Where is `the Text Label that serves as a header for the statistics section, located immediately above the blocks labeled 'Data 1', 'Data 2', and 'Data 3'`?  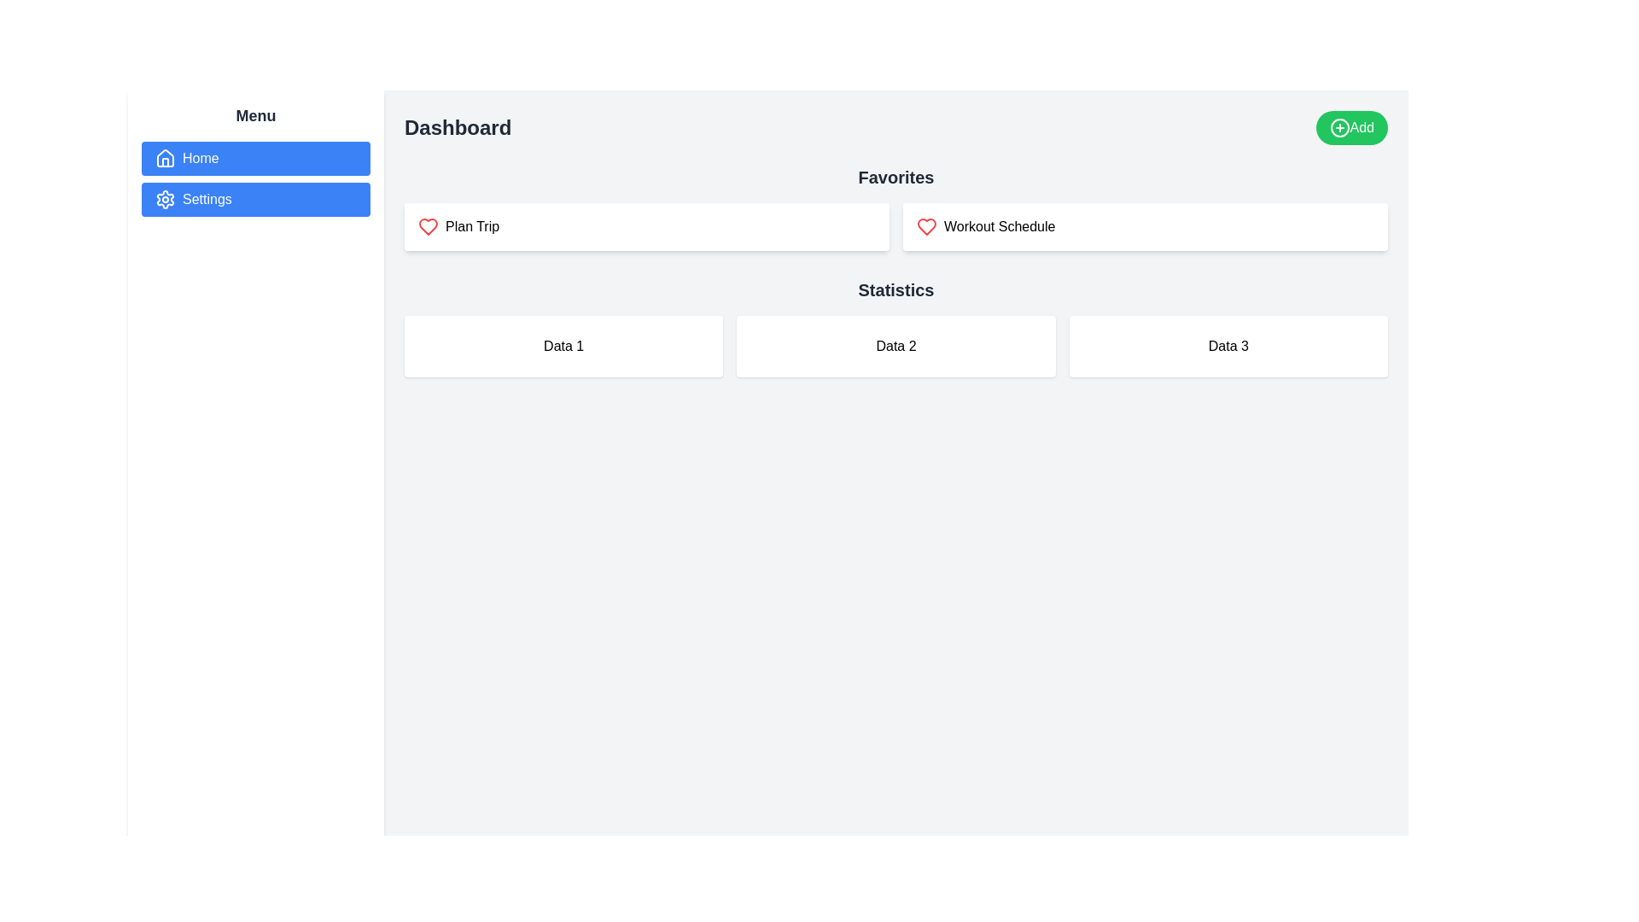 the Text Label that serves as a header for the statistics section, located immediately above the blocks labeled 'Data 1', 'Data 2', and 'Data 3' is located at coordinates (895, 289).